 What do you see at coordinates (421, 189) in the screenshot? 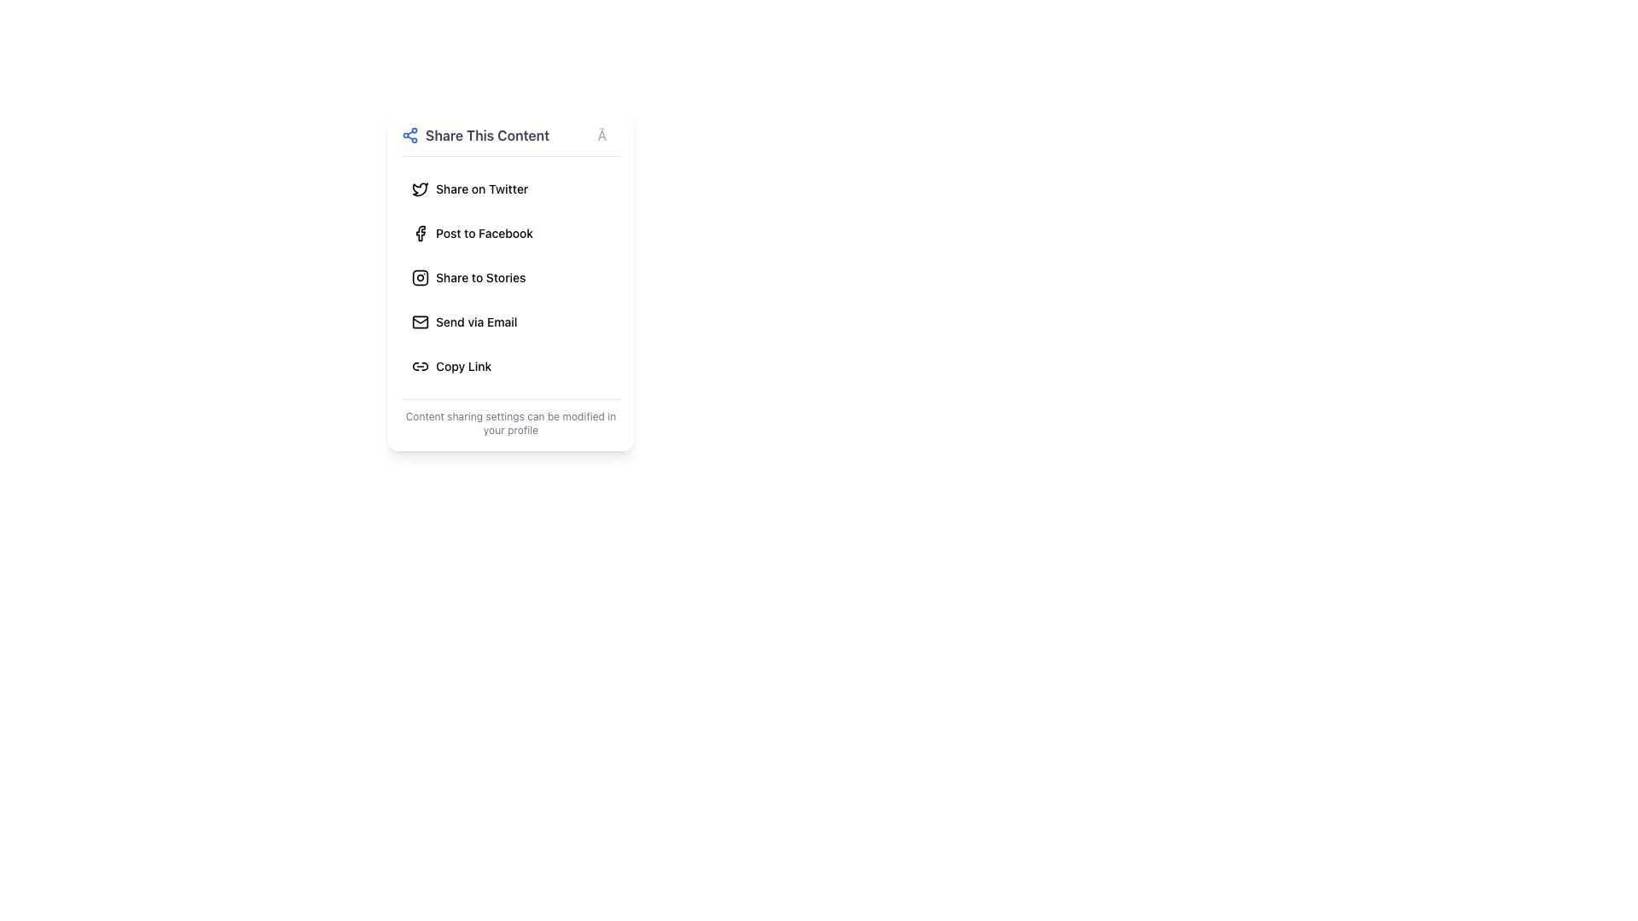
I see `the Twitter icon located to the left of the 'Share on Twitter' text in the share menu interface` at bounding box center [421, 189].